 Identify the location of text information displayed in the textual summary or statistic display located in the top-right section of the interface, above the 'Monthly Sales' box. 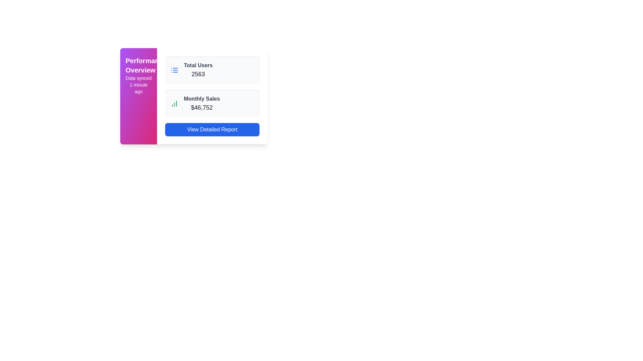
(198, 70).